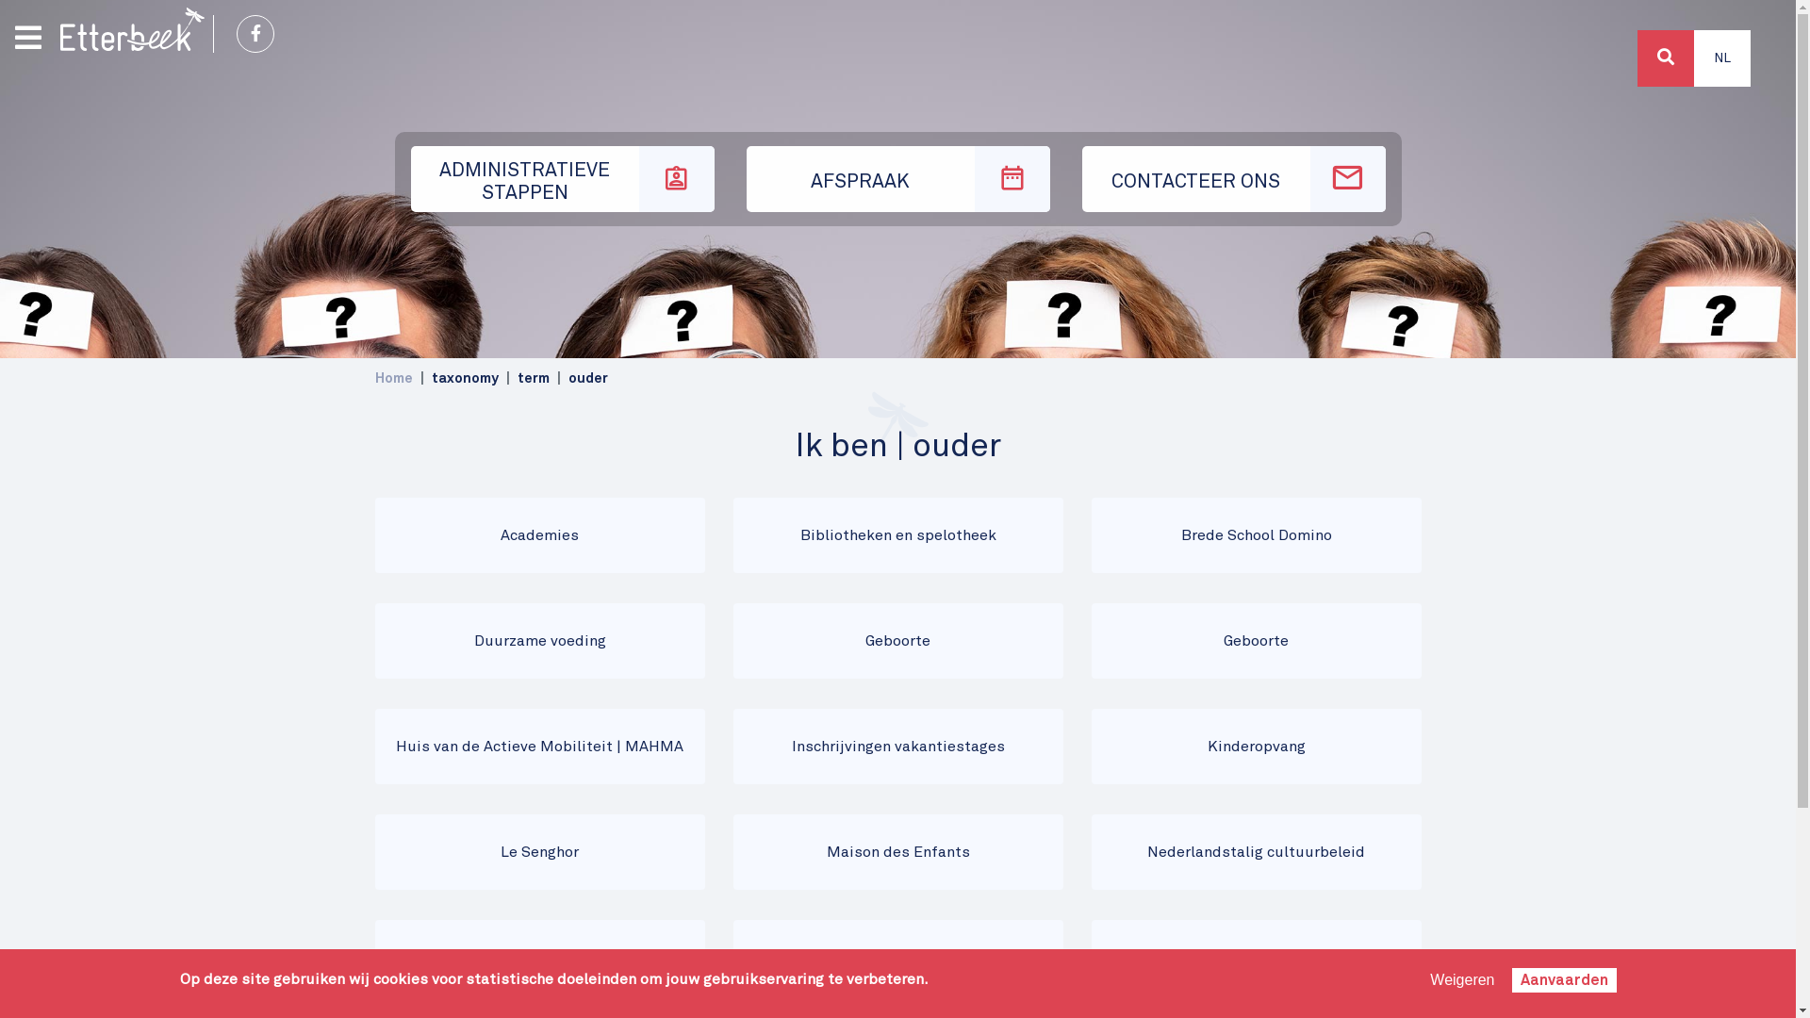  I want to click on 'Weigeren', so click(1460, 979).